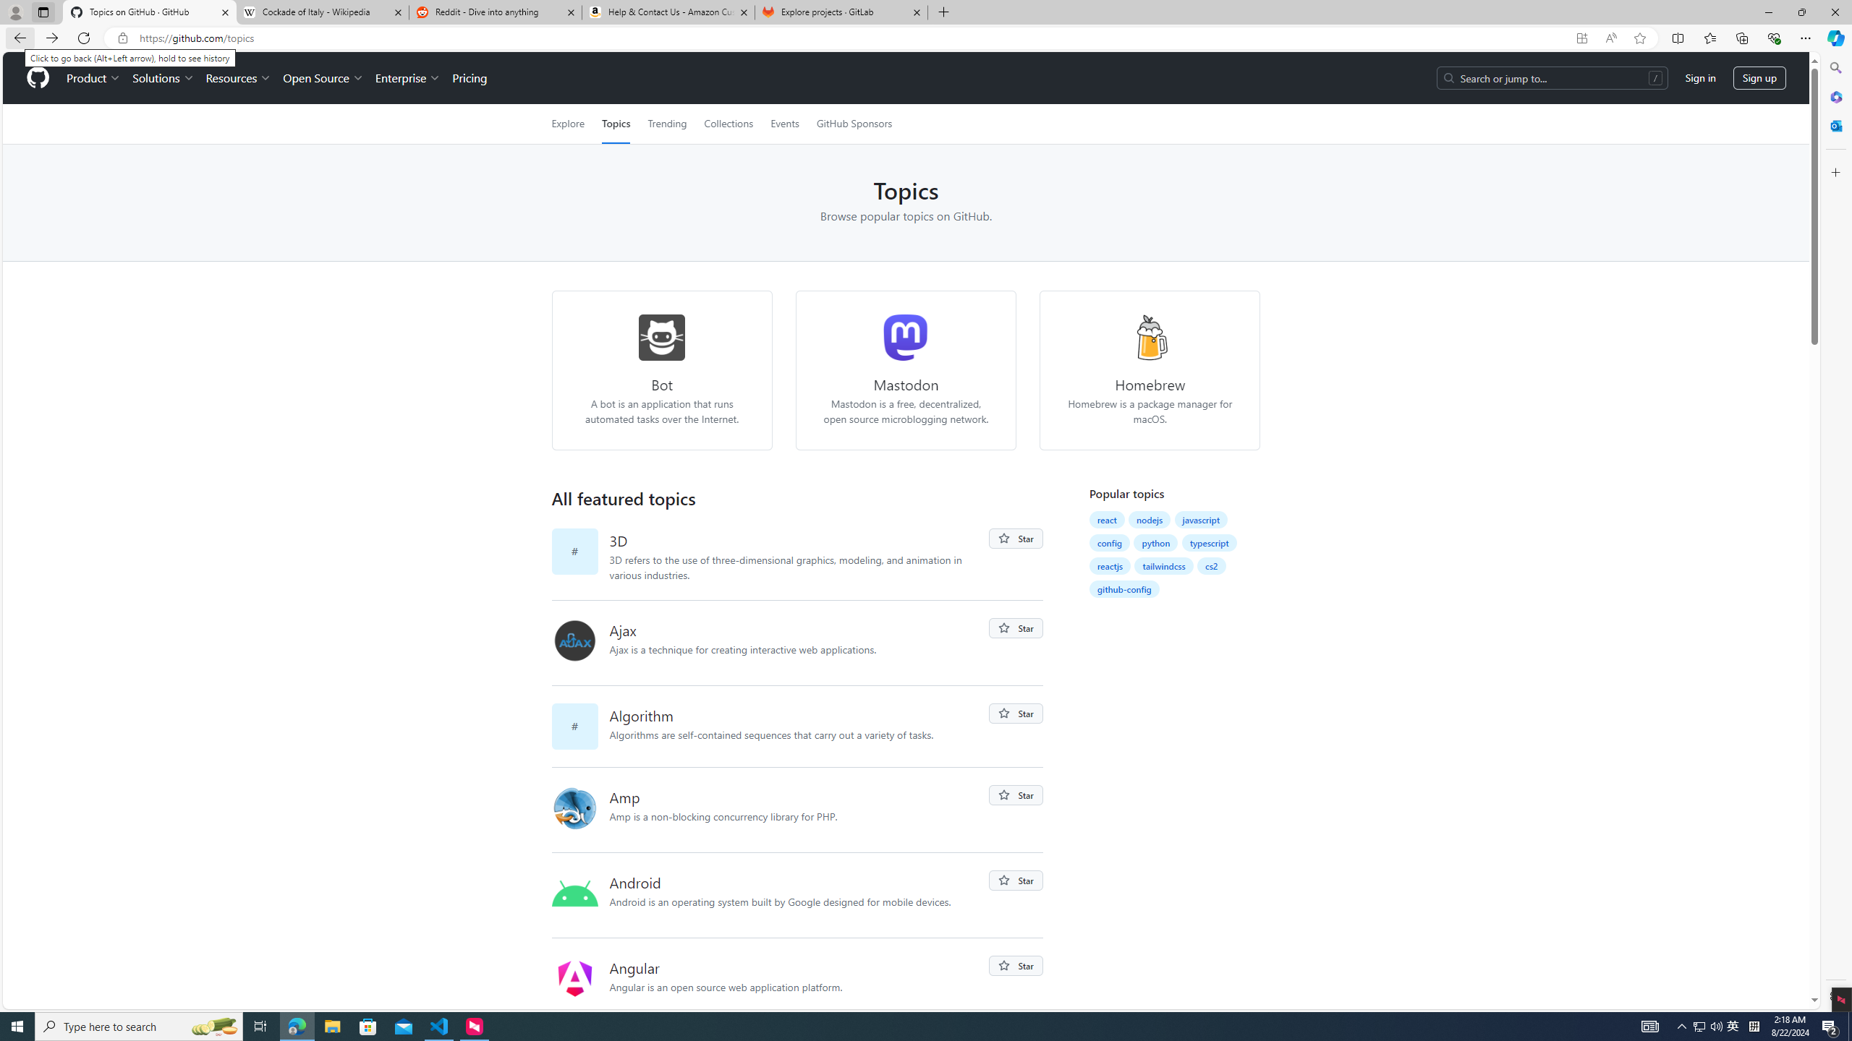 The image size is (1852, 1041). What do you see at coordinates (1106, 518) in the screenshot?
I see `'react'` at bounding box center [1106, 518].